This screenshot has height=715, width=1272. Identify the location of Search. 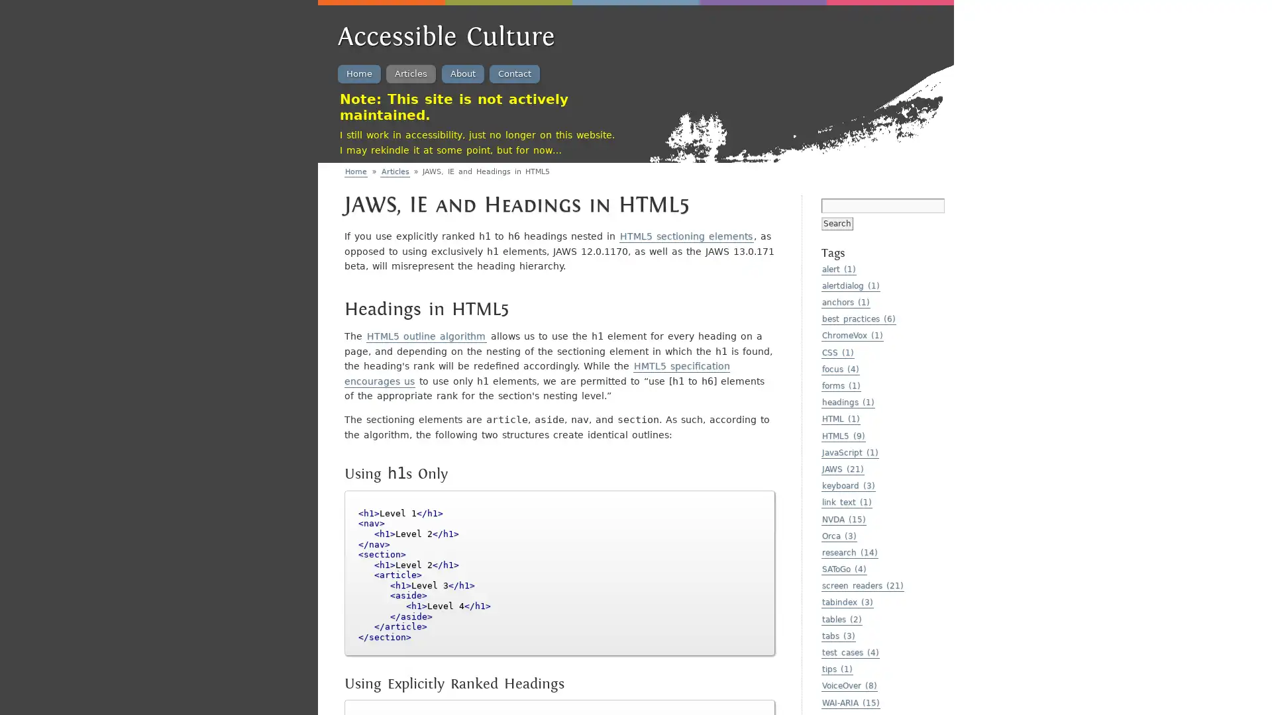
(836, 223).